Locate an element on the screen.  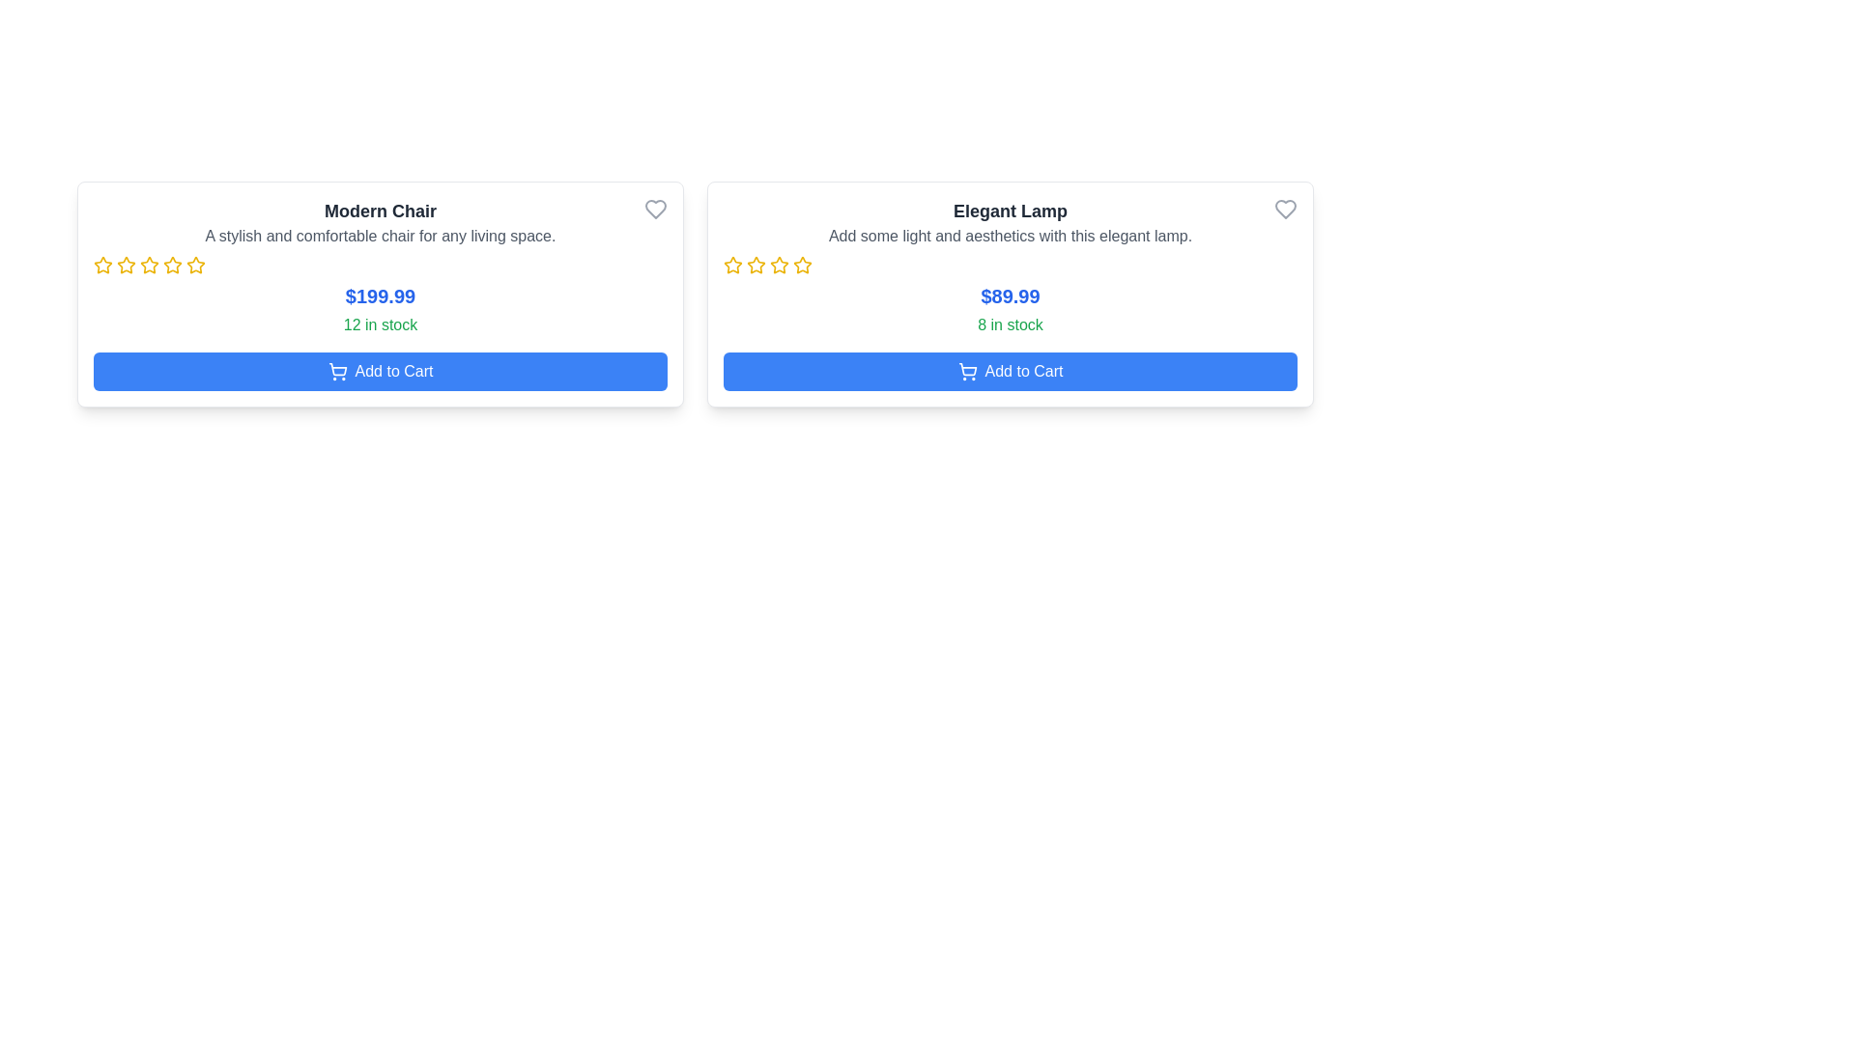
the third star icon in the rating section of the 'Elegant Lamp' product card is located at coordinates (779, 265).